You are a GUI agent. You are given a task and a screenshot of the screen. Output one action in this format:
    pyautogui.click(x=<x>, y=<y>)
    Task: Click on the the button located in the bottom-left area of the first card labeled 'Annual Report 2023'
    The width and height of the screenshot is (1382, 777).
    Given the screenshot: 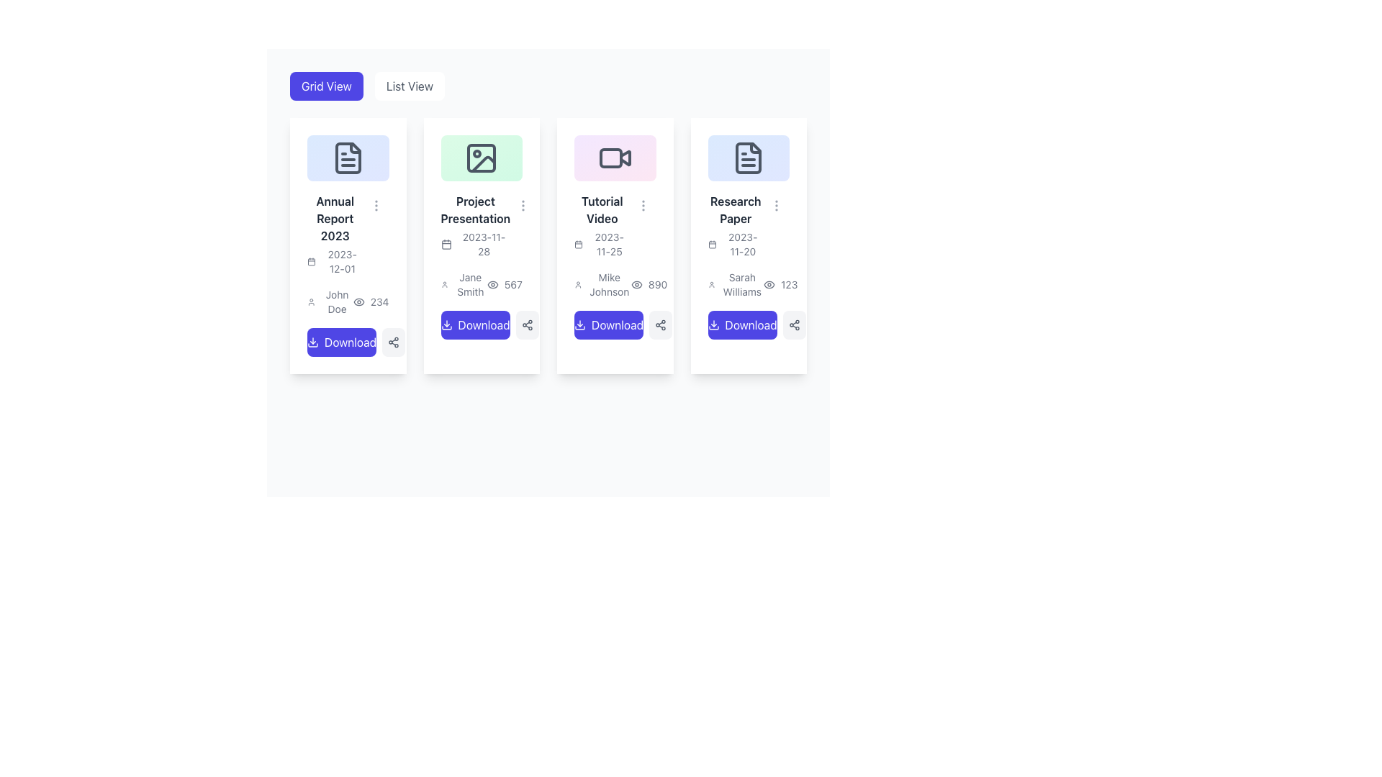 What is the action you would take?
    pyautogui.click(x=341, y=342)
    